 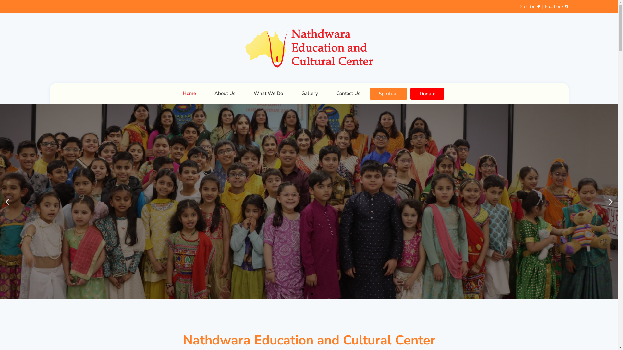 What do you see at coordinates (268, 93) in the screenshot?
I see `'What We Do'` at bounding box center [268, 93].